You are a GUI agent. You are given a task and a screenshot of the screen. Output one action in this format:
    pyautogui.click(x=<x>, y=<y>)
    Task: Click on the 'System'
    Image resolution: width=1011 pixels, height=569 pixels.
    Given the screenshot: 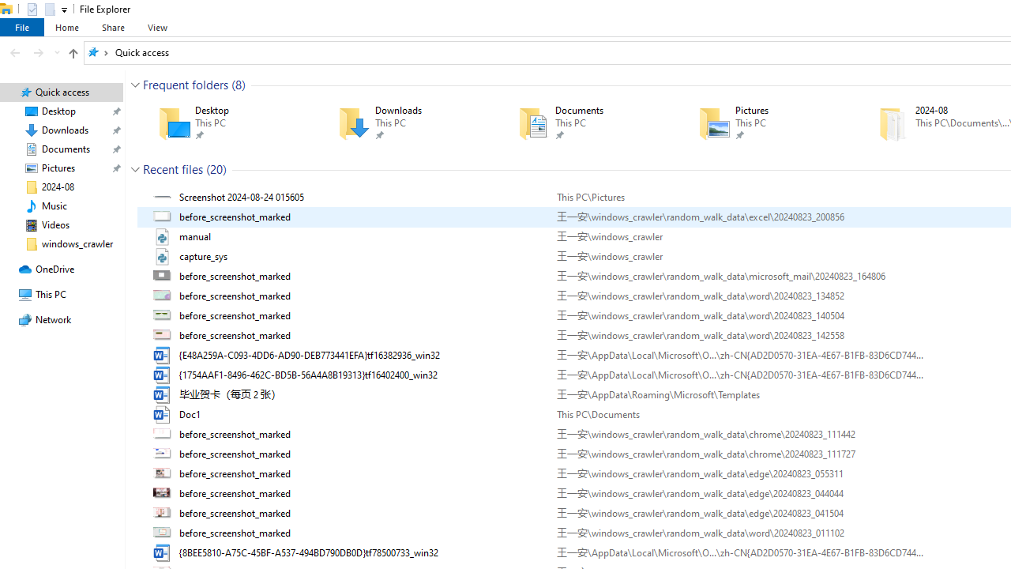 What is the action you would take?
    pyautogui.click(x=8, y=9)
    